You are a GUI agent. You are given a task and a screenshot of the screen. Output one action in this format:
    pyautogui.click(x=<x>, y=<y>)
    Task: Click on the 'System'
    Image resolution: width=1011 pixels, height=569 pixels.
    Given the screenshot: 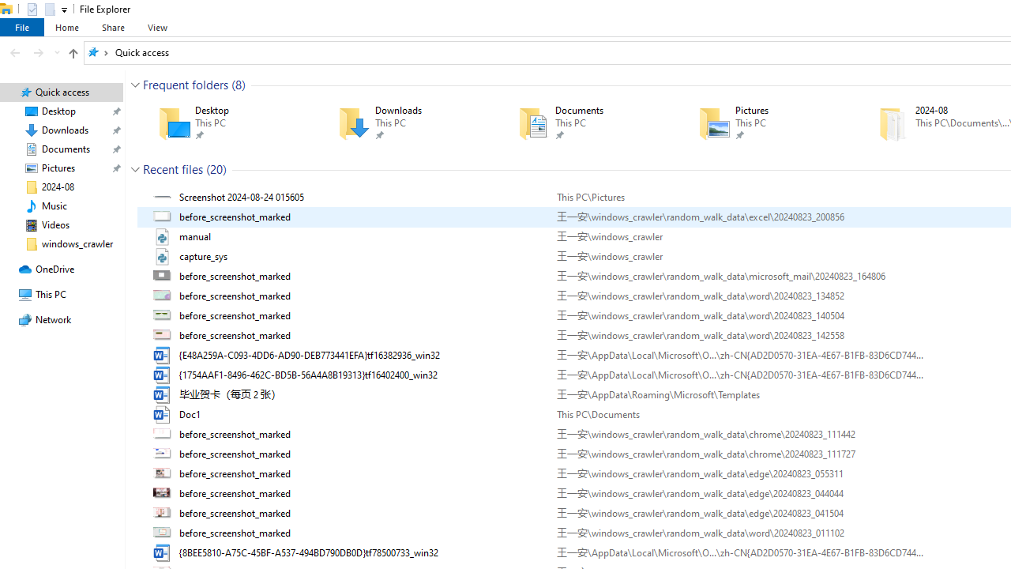 What is the action you would take?
    pyautogui.click(x=8, y=9)
    